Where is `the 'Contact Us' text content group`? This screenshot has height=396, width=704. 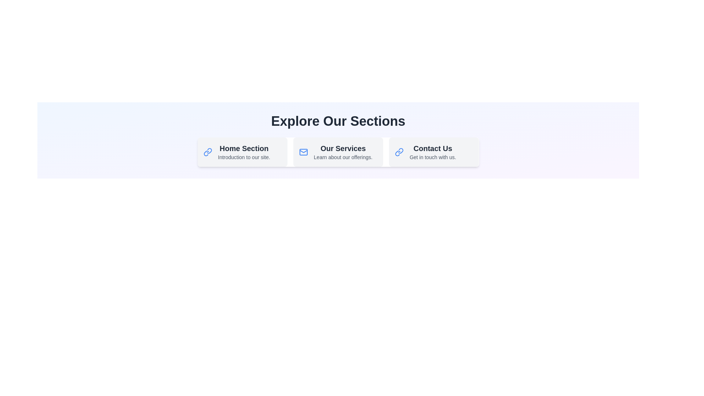 the 'Contact Us' text content group is located at coordinates (433, 152).